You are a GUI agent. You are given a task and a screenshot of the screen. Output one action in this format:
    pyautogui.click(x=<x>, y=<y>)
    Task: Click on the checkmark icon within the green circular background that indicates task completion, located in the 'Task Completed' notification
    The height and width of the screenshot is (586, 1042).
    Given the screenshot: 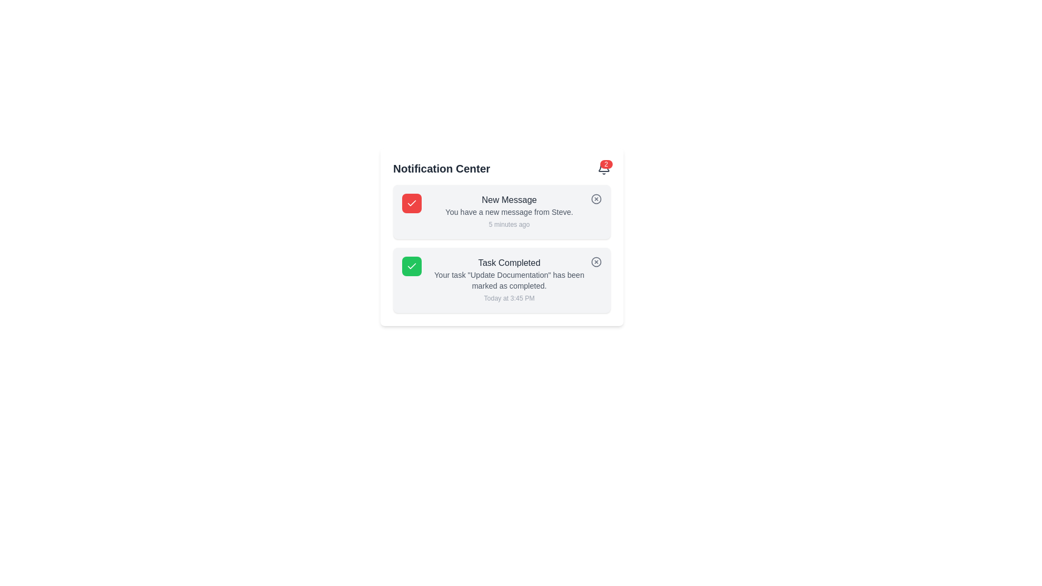 What is the action you would take?
    pyautogui.click(x=411, y=266)
    